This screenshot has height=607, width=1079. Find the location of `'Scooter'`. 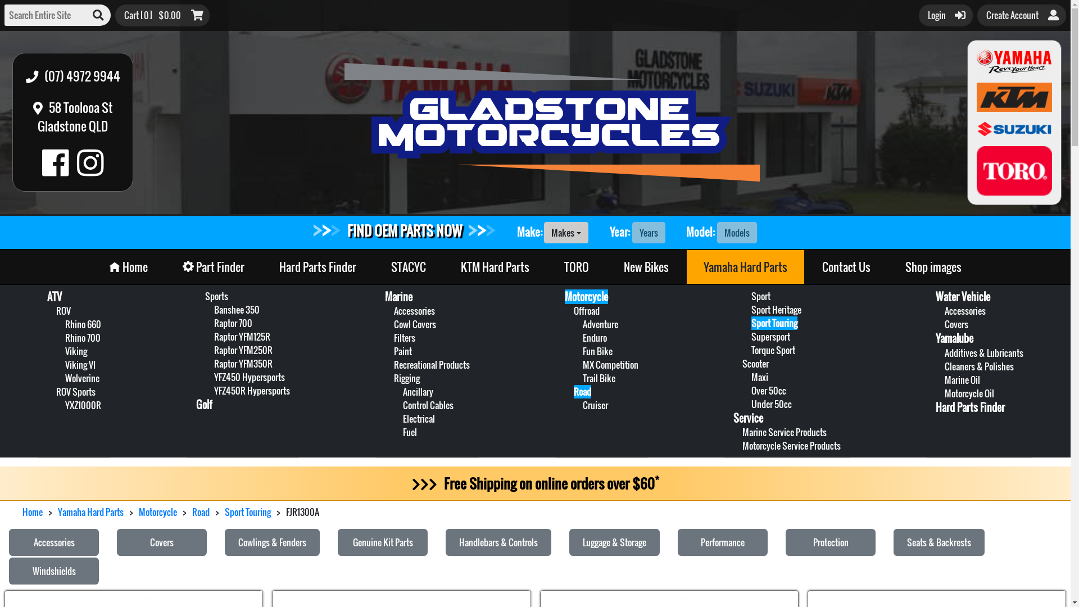

'Scooter' is located at coordinates (755, 364).